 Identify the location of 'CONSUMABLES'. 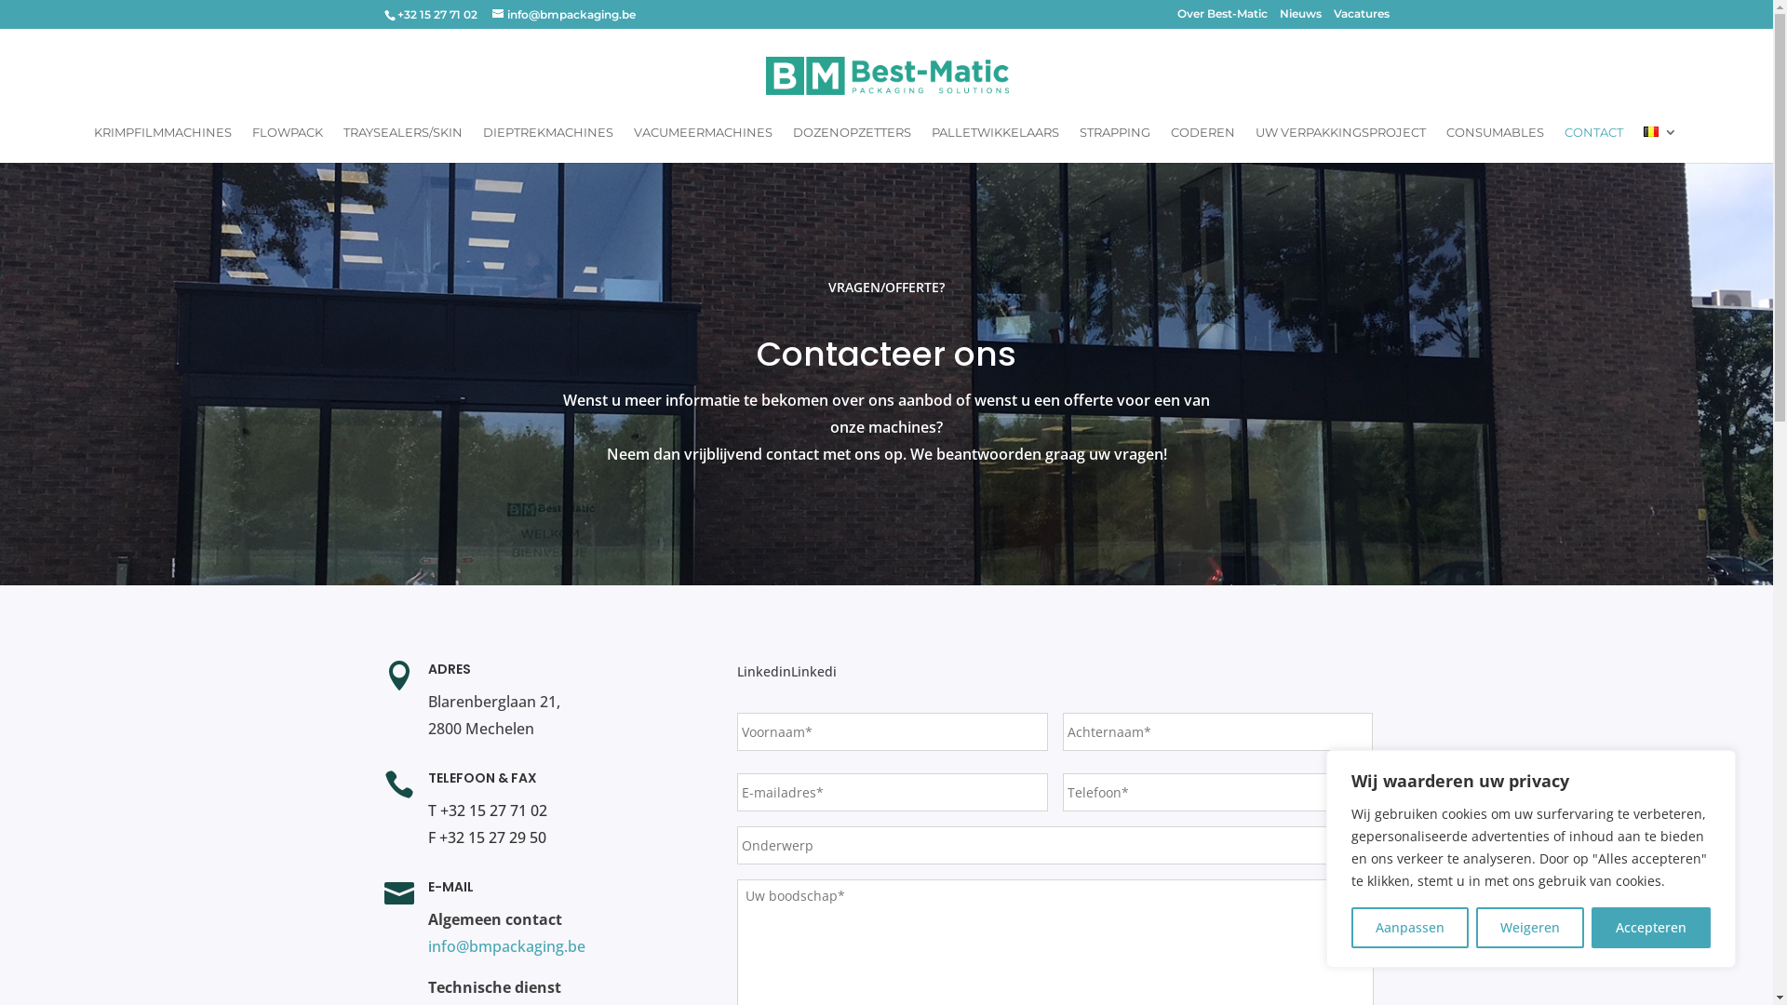
(1495, 142).